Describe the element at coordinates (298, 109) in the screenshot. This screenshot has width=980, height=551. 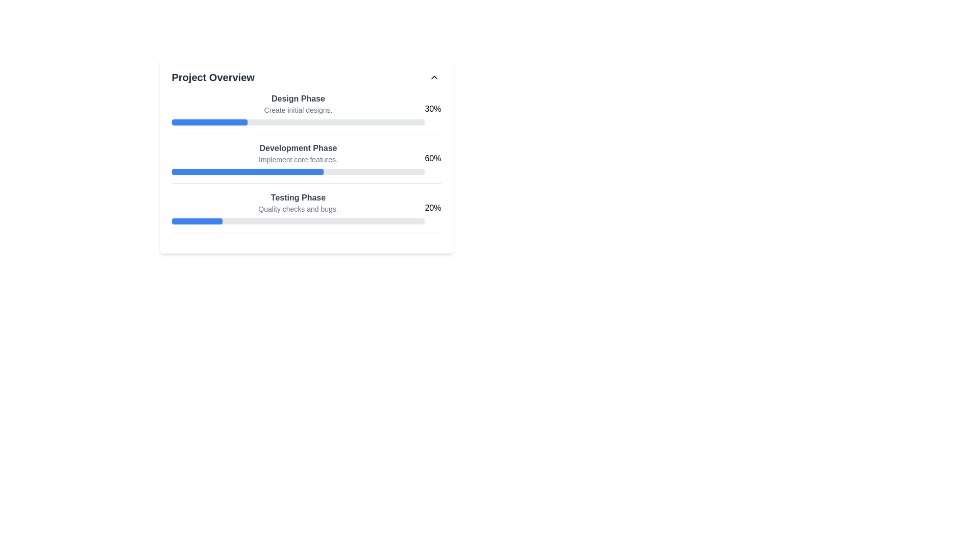
I see `progress bar representing the 'Design Phase' in the project overview section to understand the status of this phase` at that location.